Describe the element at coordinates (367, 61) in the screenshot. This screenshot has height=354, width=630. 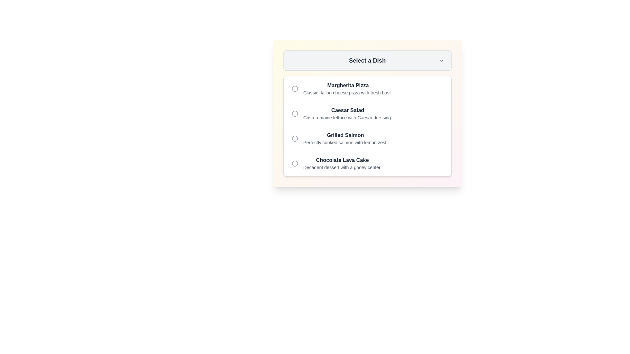
I see `the Dropdown button displaying 'Select a Dish'` at that location.